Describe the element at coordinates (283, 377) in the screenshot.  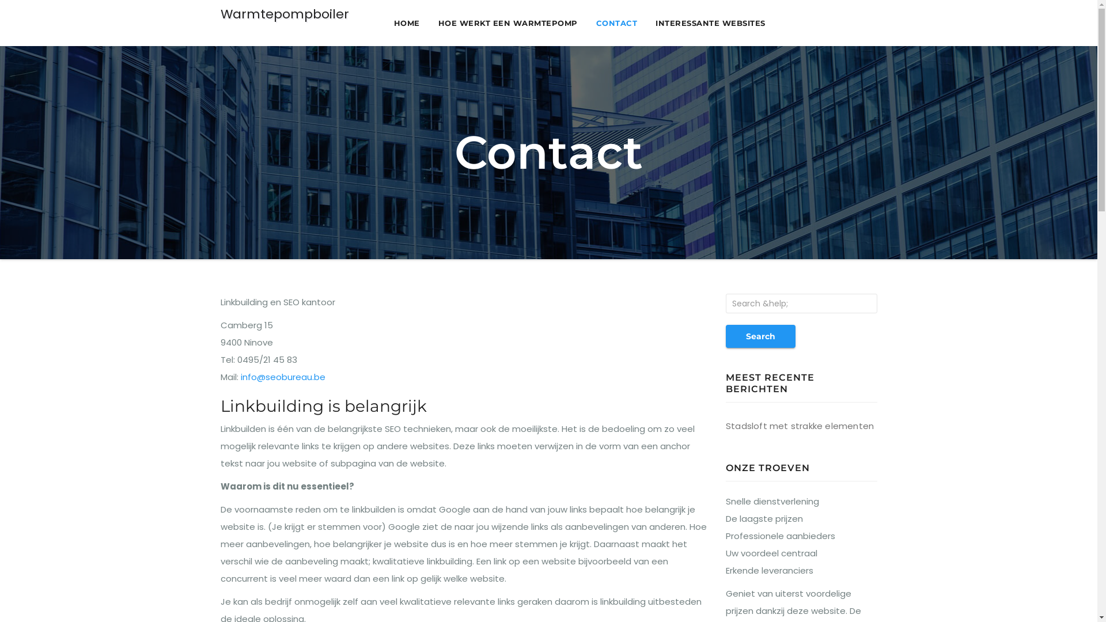
I see `'info@seobureau.be'` at that location.